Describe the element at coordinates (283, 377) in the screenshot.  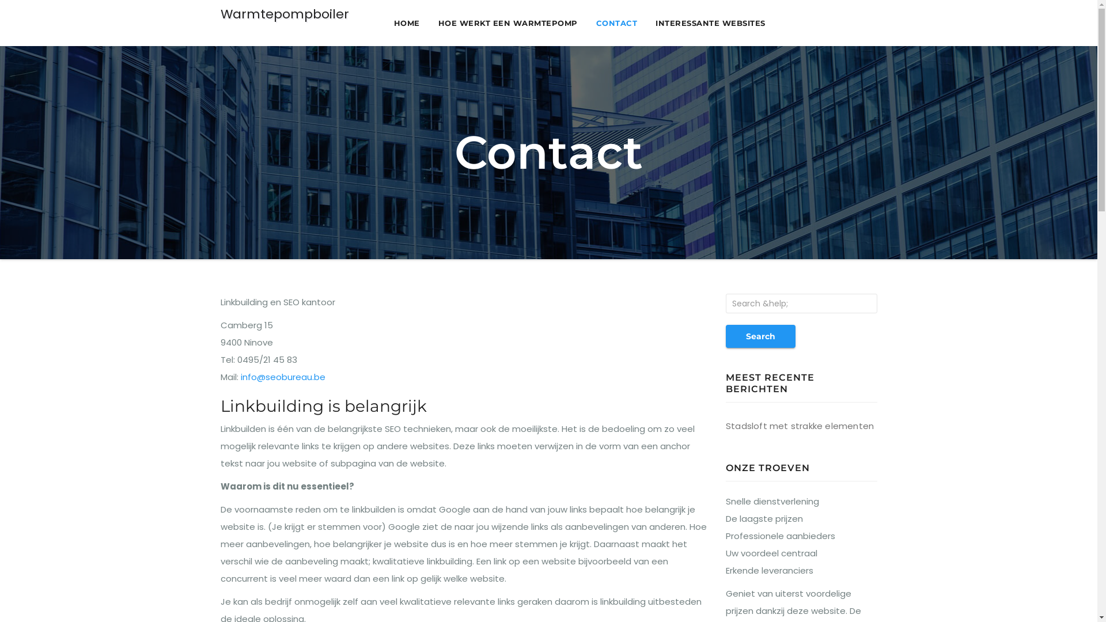
I see `'info@seobureau.be'` at that location.